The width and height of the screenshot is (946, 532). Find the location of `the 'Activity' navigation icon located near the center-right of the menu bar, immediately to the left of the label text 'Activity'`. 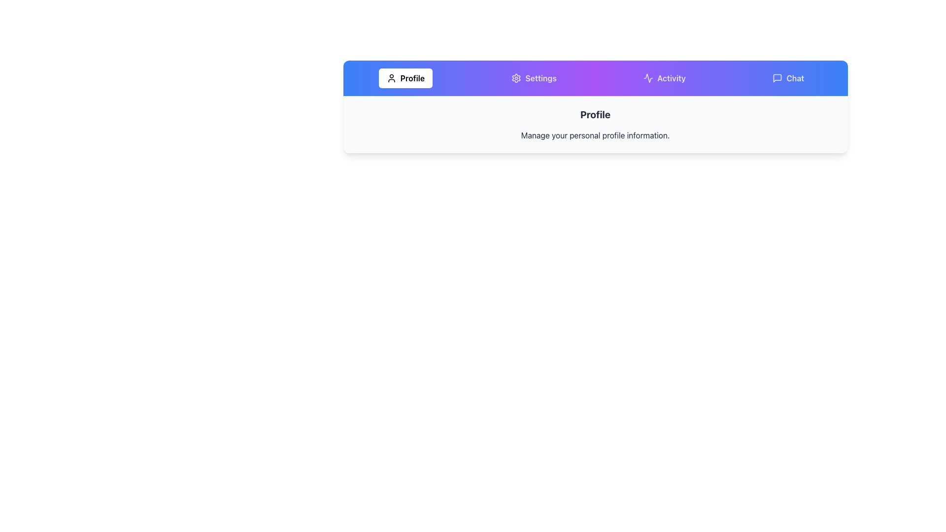

the 'Activity' navigation icon located near the center-right of the menu bar, immediately to the left of the label text 'Activity' is located at coordinates (648, 77).